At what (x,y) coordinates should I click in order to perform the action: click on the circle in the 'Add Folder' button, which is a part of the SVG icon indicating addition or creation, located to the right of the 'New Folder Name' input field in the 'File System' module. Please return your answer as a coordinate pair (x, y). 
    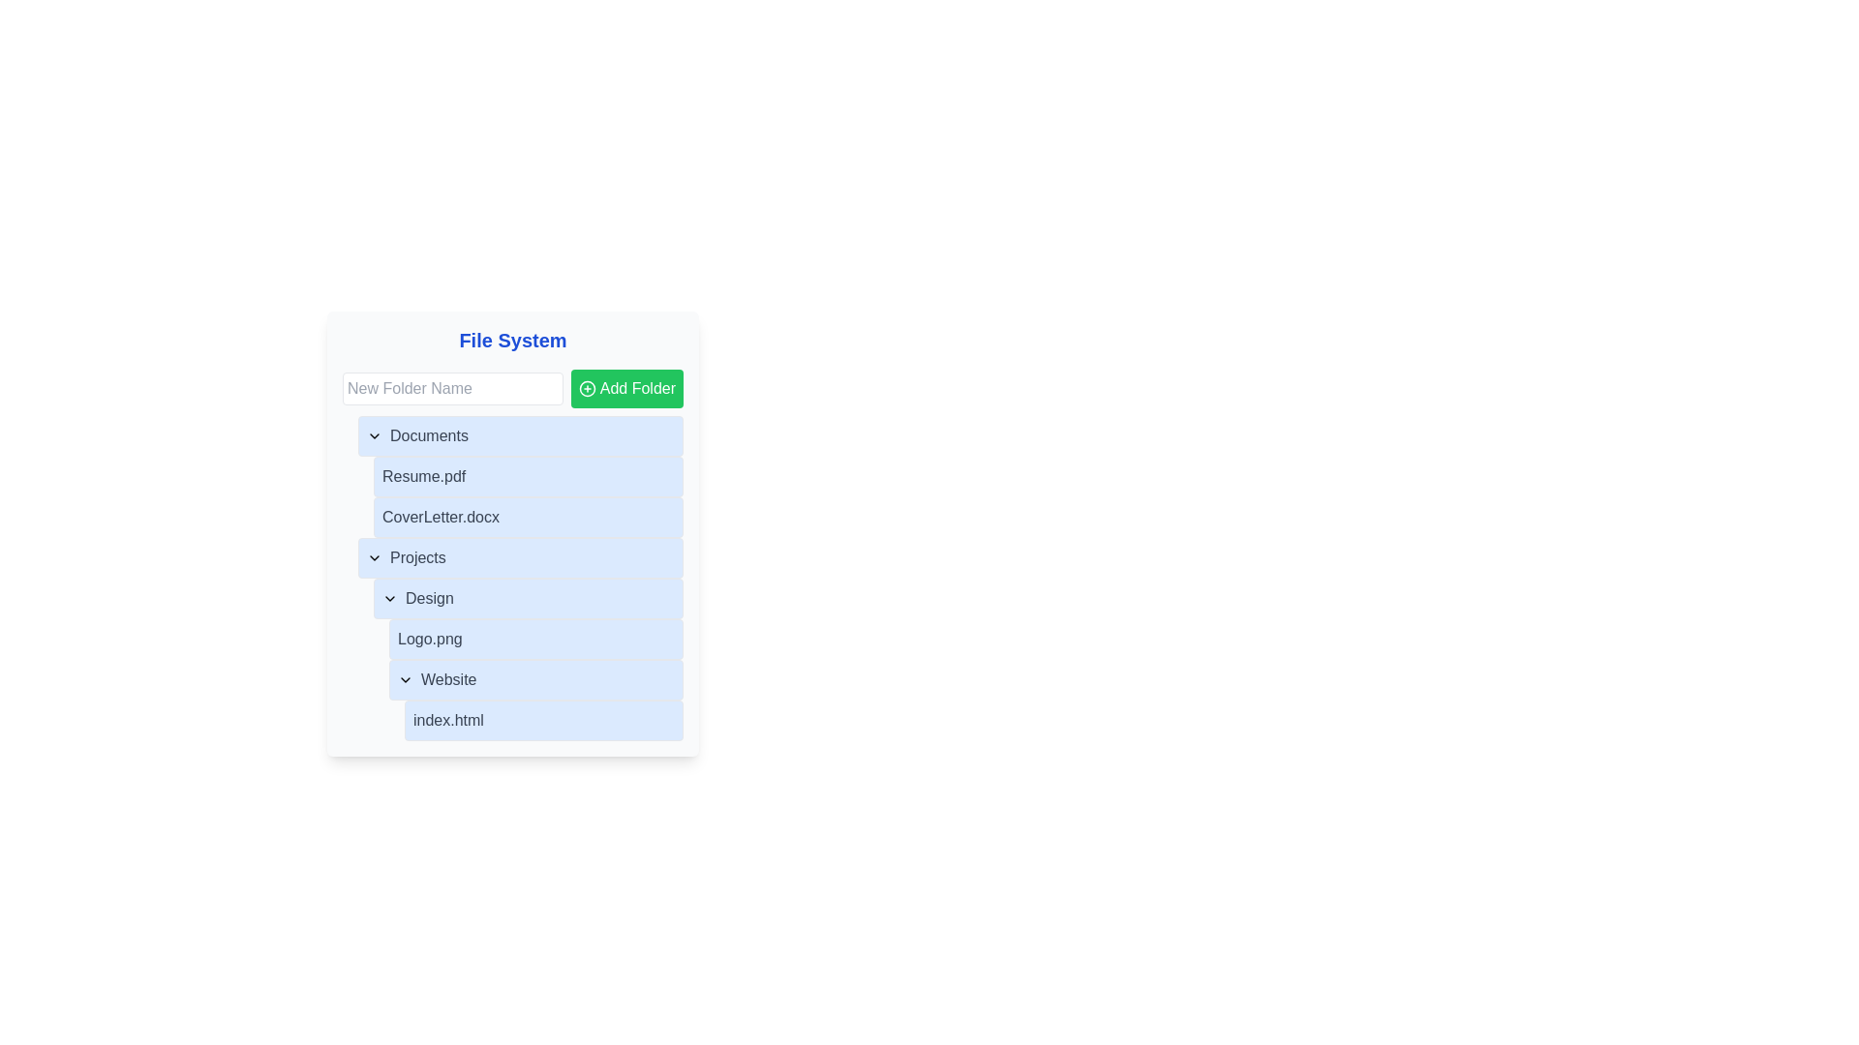
    Looking at the image, I should click on (586, 388).